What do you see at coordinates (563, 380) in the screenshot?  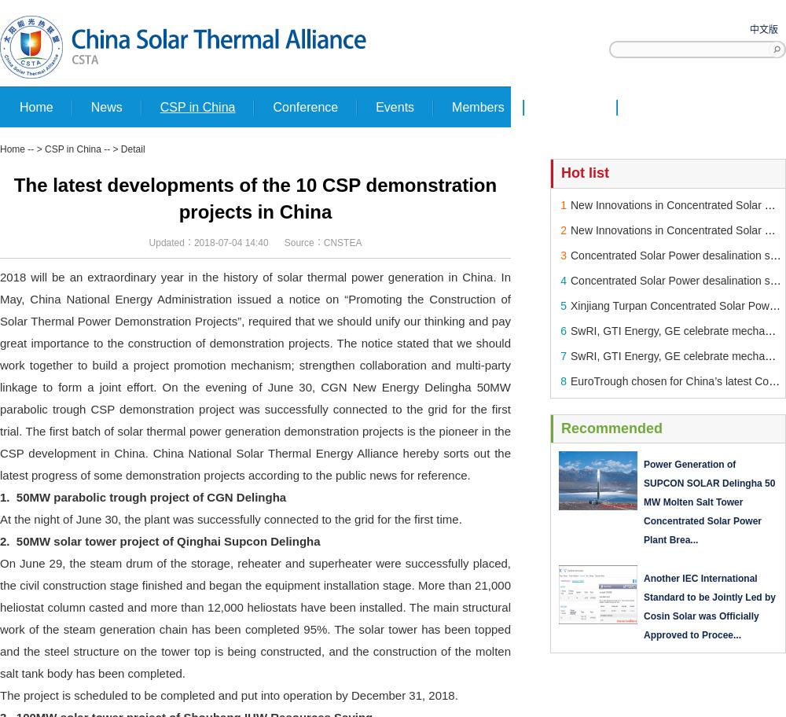 I see `'8'` at bounding box center [563, 380].